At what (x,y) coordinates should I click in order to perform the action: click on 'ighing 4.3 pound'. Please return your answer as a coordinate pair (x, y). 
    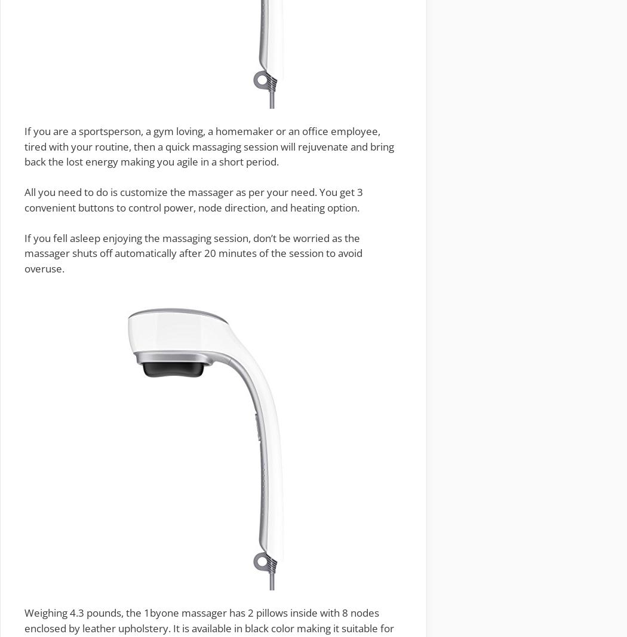
    Looking at the image, I should click on (78, 612).